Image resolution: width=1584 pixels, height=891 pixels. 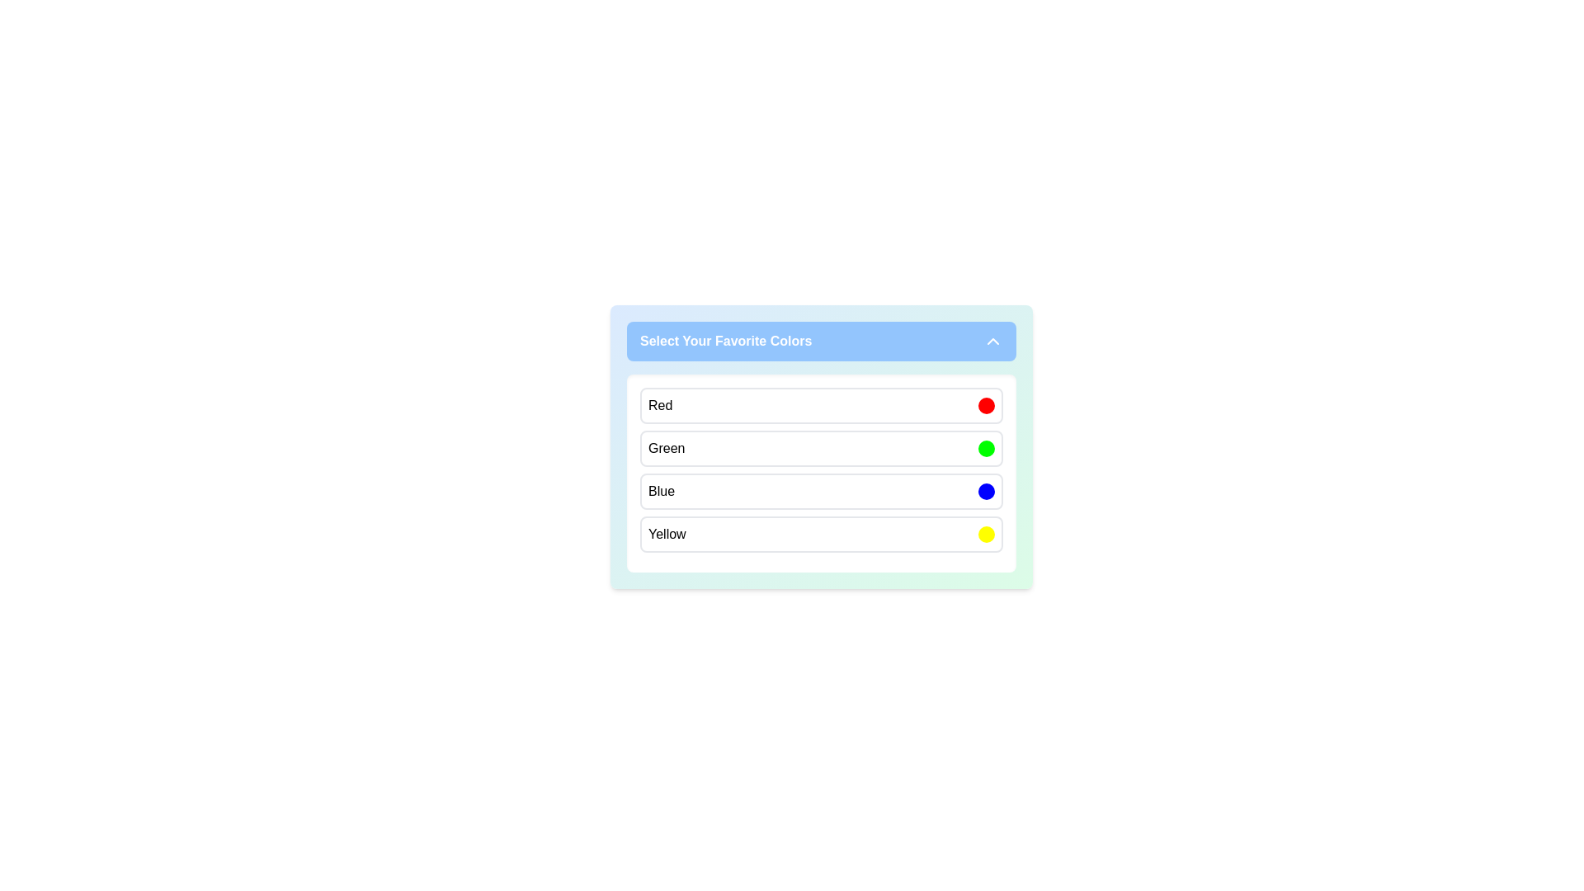 What do you see at coordinates (986, 491) in the screenshot?
I see `the color indicator representing the color blue, located at the end of the third row in the list of colored entries` at bounding box center [986, 491].